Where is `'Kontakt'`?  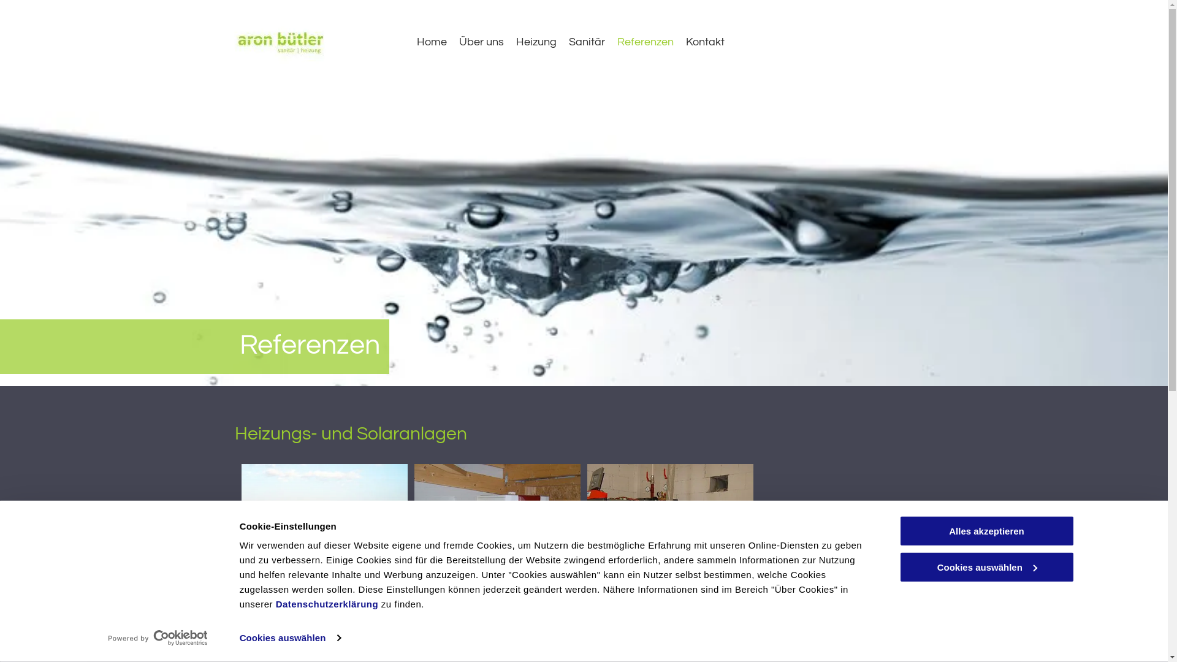 'Kontakt' is located at coordinates (705, 41).